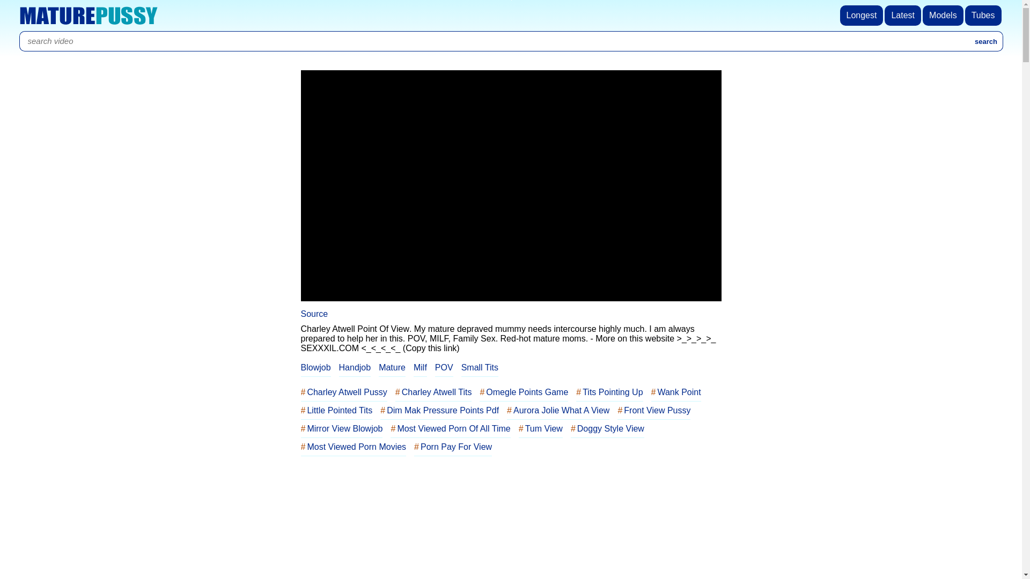 The height and width of the screenshot is (579, 1030). What do you see at coordinates (986, 41) in the screenshot?
I see `'search'` at bounding box center [986, 41].